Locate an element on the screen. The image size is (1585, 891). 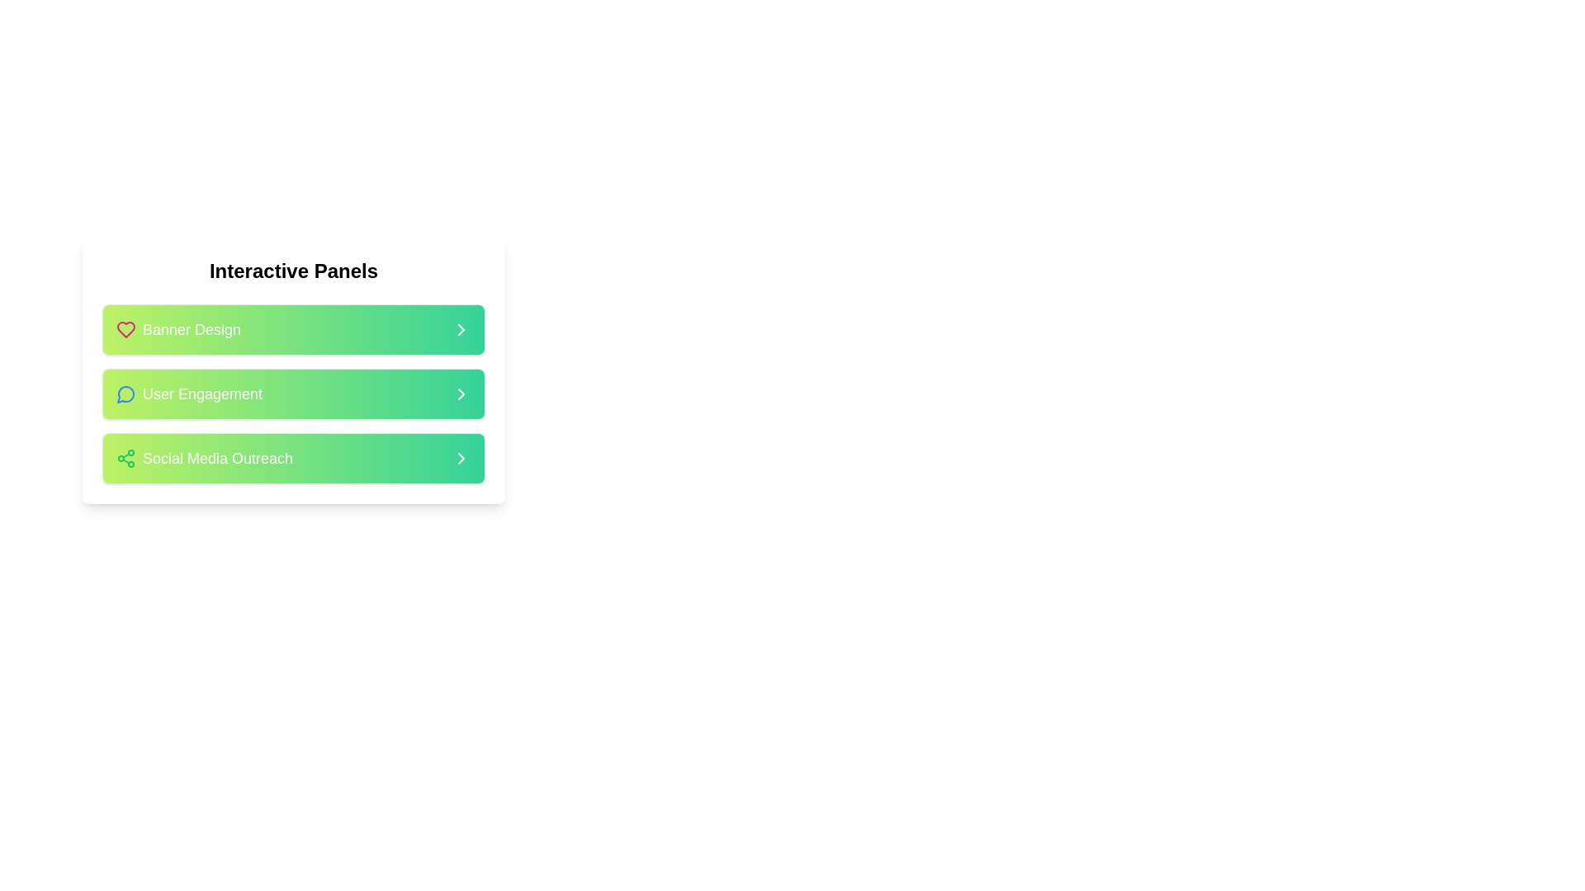
the right-pointing chevron icon located at the far-right end of the second green strip labeled 'User Engagement' is located at coordinates (461, 394).